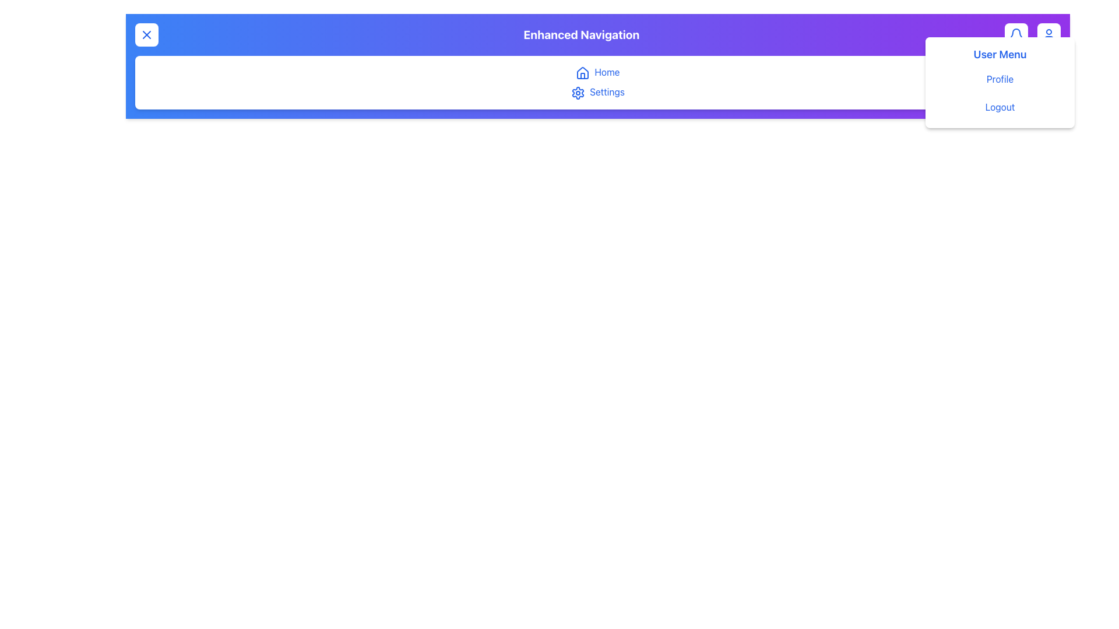 This screenshot has height=629, width=1119. What do you see at coordinates (578, 92) in the screenshot?
I see `the settings icon represented by a gear or cogwheel outline located to the left of the 'Settings' text link in the navigation bar` at bounding box center [578, 92].